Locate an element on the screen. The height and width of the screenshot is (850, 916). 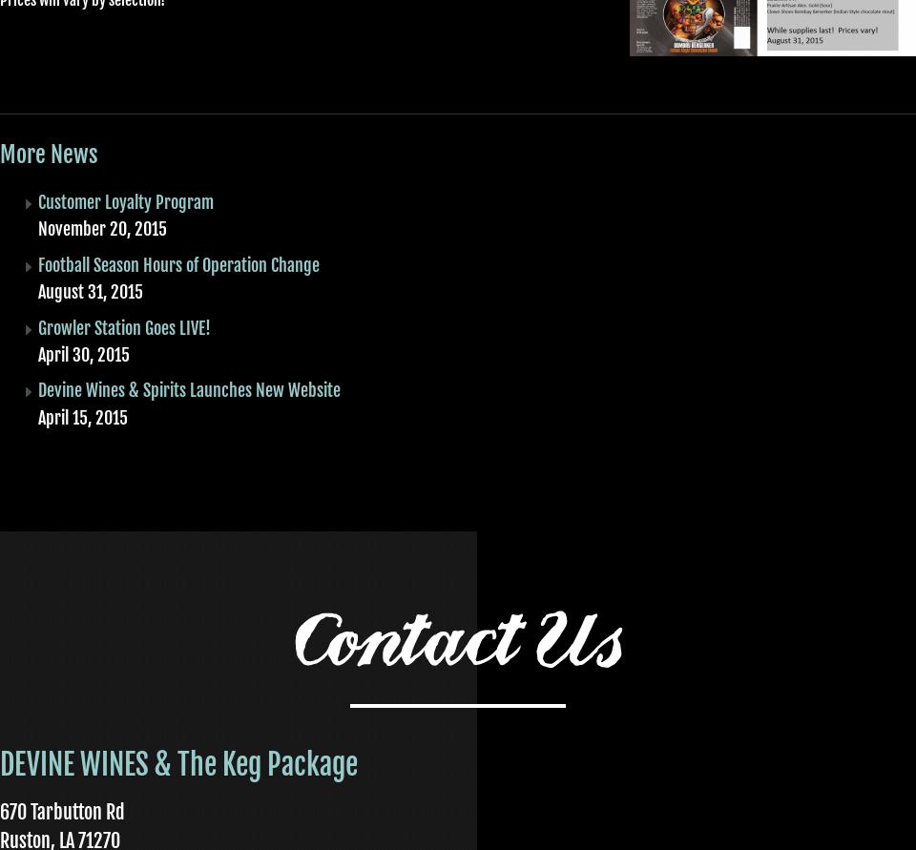
'April 15, 2015' is located at coordinates (82, 417).